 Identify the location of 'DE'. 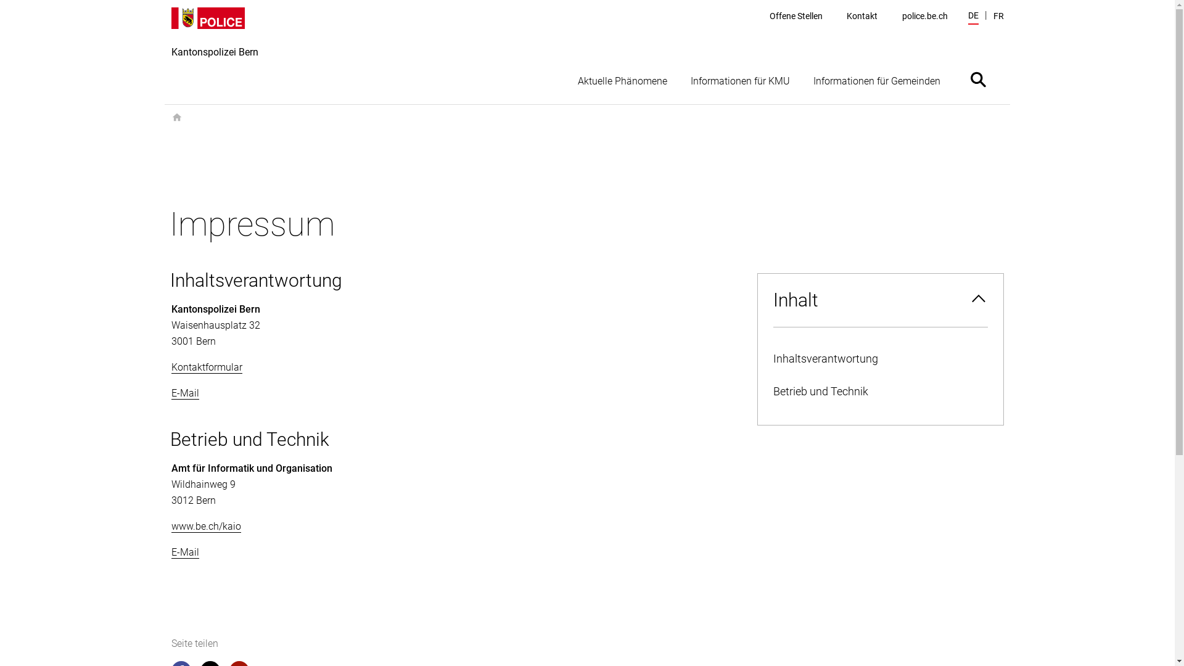
(972, 17).